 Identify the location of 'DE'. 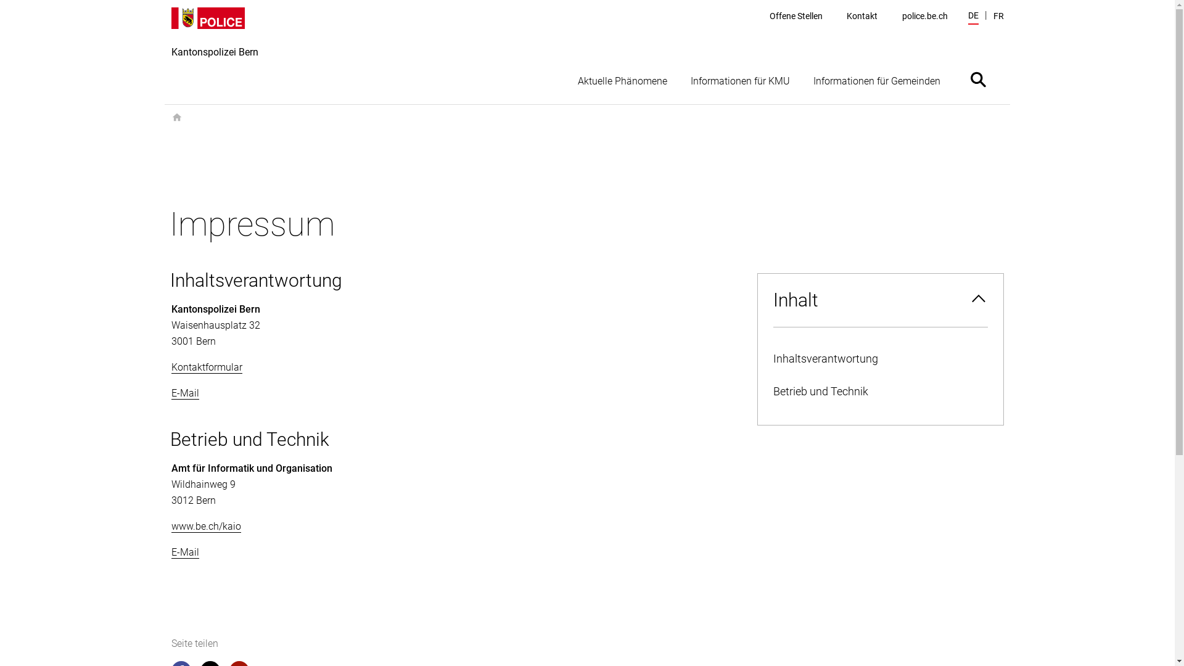
(972, 17).